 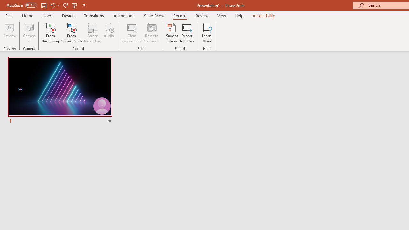 What do you see at coordinates (29, 27) in the screenshot?
I see `'Cameo'` at bounding box center [29, 27].